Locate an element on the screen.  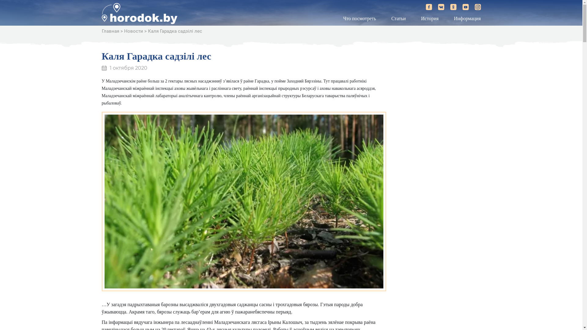
'horodok.by on Vkontakte' is located at coordinates (437, 7).